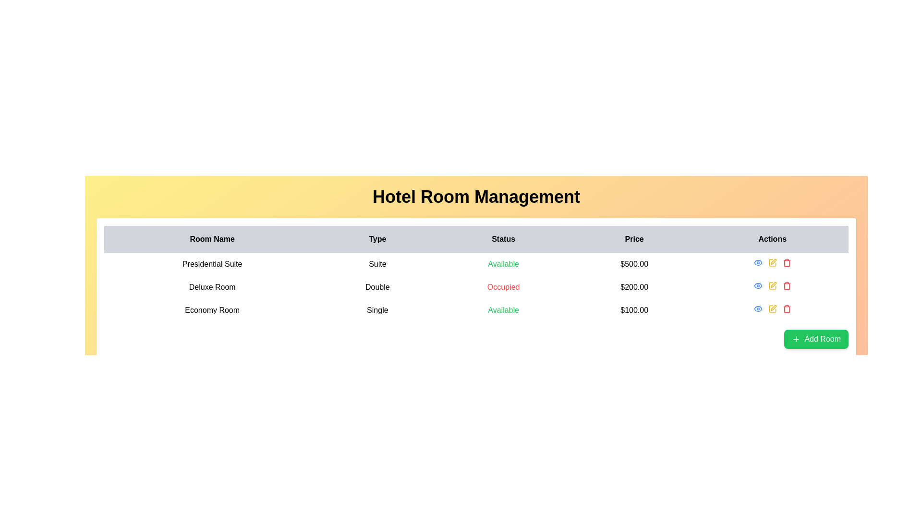 The width and height of the screenshot is (922, 519). What do you see at coordinates (757, 263) in the screenshot?
I see `the 'view' button located in the second row under 'Actions' in the table to change its color` at bounding box center [757, 263].